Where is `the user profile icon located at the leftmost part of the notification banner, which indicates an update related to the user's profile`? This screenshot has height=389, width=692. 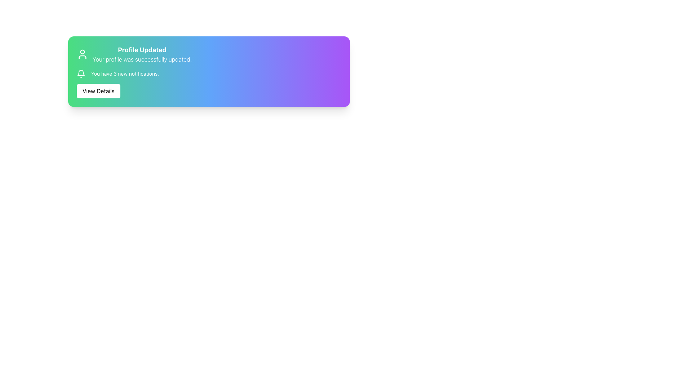
the user profile icon located at the leftmost part of the notification banner, which indicates an update related to the user's profile is located at coordinates (83, 54).